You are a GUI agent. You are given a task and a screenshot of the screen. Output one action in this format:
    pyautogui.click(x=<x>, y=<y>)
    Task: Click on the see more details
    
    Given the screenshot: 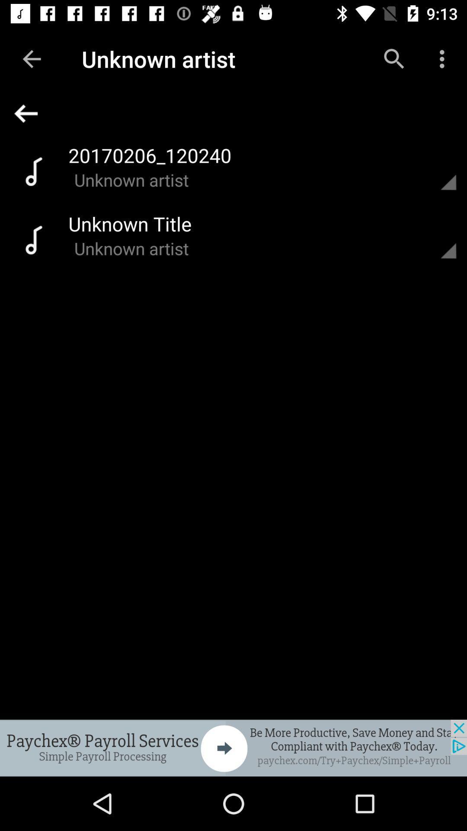 What is the action you would take?
    pyautogui.click(x=438, y=171)
    